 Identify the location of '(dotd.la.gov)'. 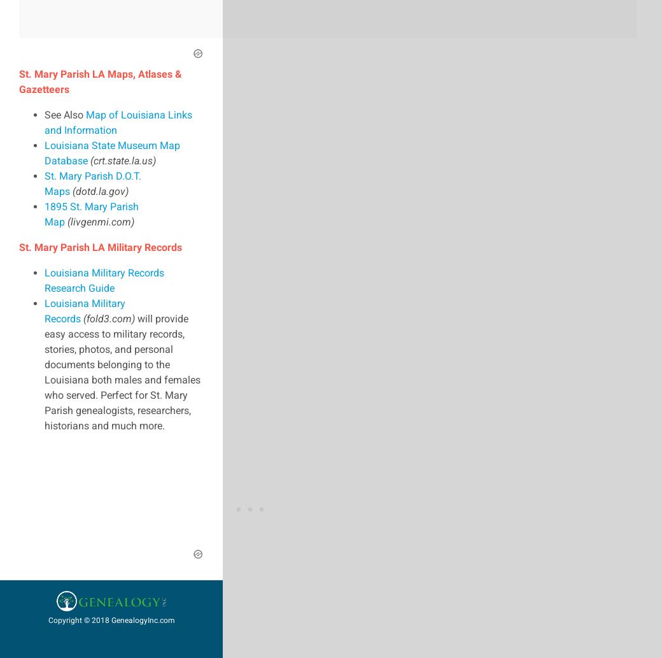
(100, 190).